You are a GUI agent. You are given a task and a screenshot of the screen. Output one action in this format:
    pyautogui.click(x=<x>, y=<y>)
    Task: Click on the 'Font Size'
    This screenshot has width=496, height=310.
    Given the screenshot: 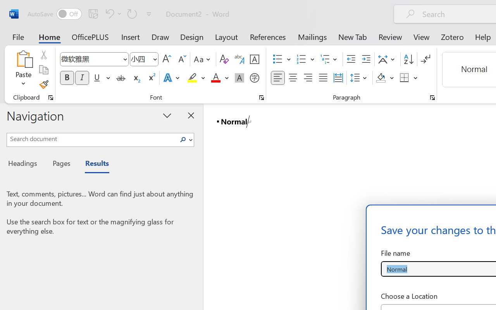 What is the action you would take?
    pyautogui.click(x=140, y=59)
    